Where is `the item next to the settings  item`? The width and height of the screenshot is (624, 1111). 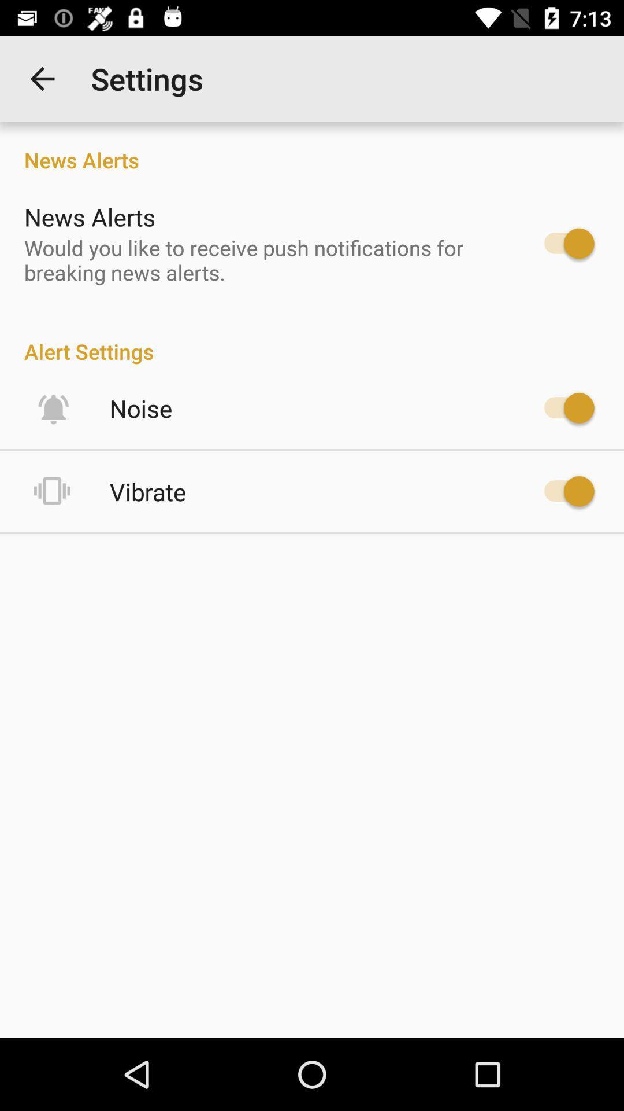 the item next to the settings  item is located at coordinates (42, 78).